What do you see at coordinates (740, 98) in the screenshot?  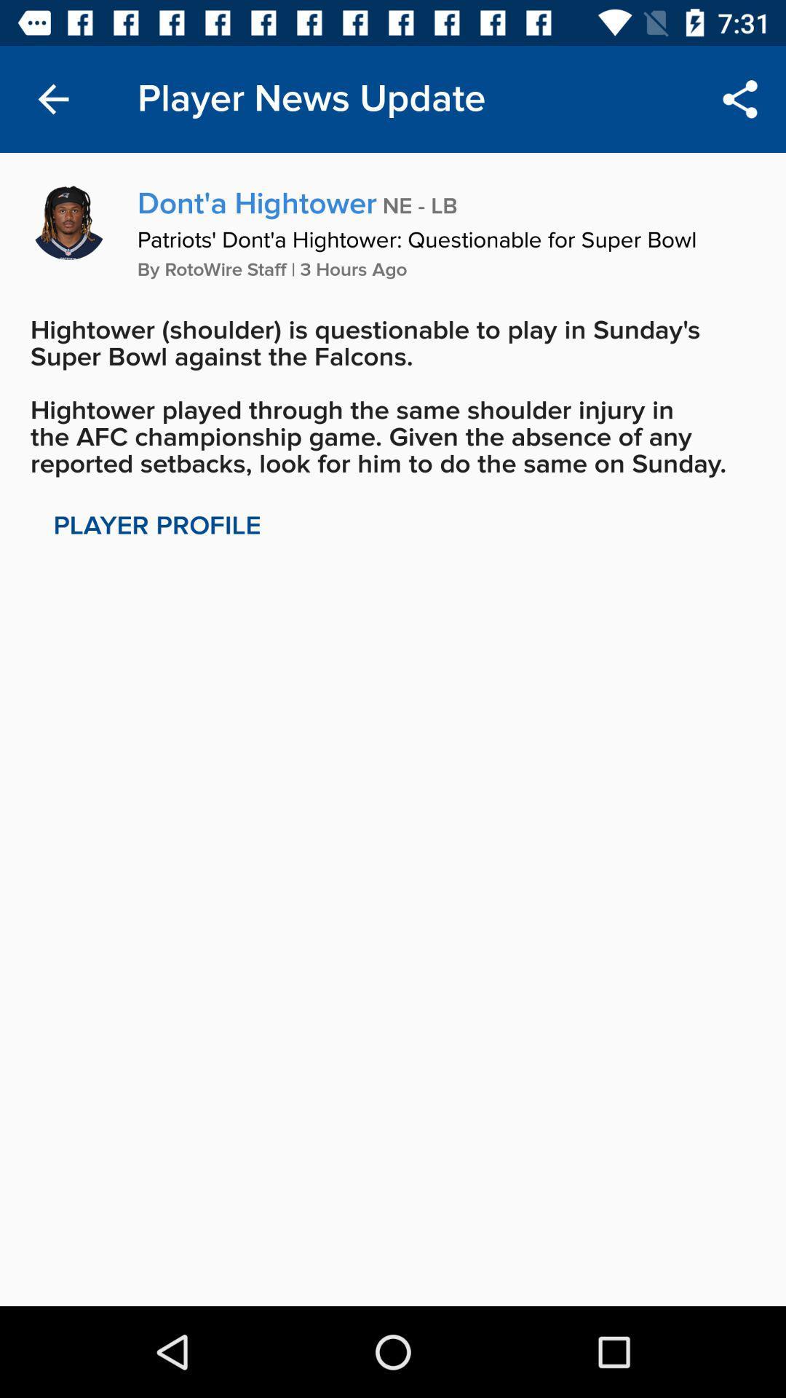 I see `the icon next to the player news update icon` at bounding box center [740, 98].